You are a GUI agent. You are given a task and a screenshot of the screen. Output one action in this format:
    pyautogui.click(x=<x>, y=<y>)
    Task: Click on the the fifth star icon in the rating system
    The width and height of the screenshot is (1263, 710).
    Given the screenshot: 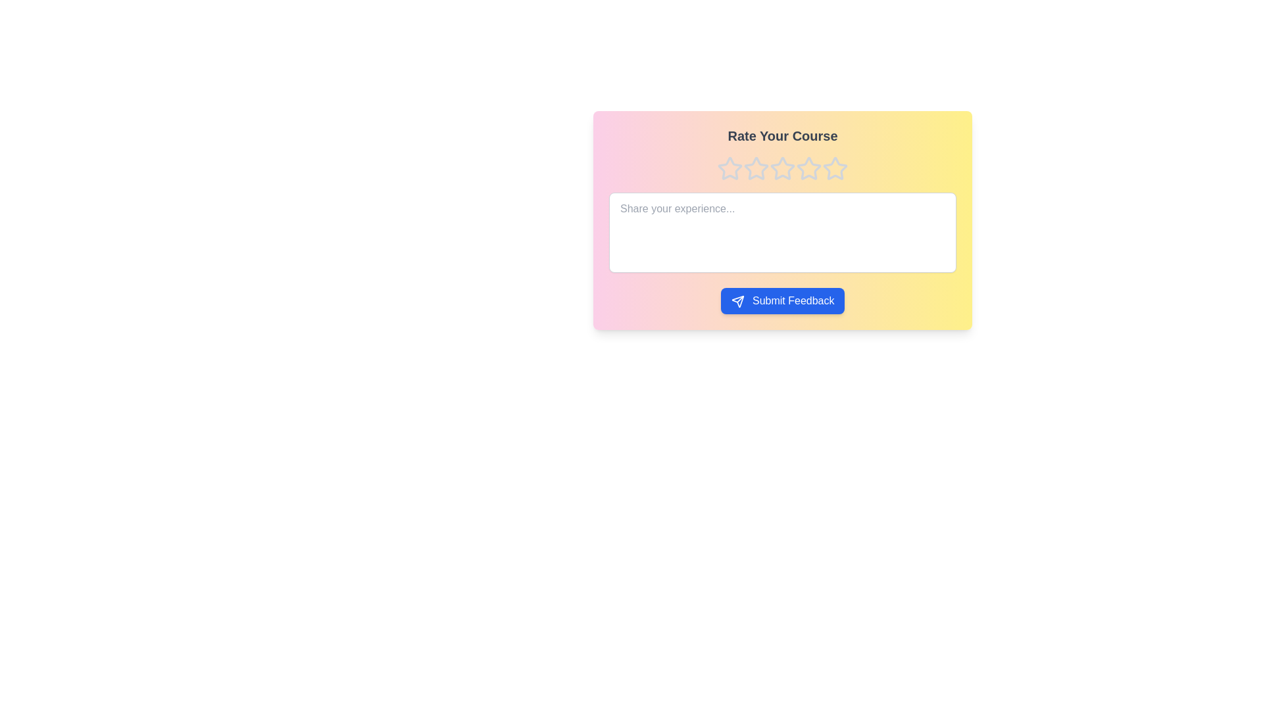 What is the action you would take?
    pyautogui.click(x=833, y=167)
    